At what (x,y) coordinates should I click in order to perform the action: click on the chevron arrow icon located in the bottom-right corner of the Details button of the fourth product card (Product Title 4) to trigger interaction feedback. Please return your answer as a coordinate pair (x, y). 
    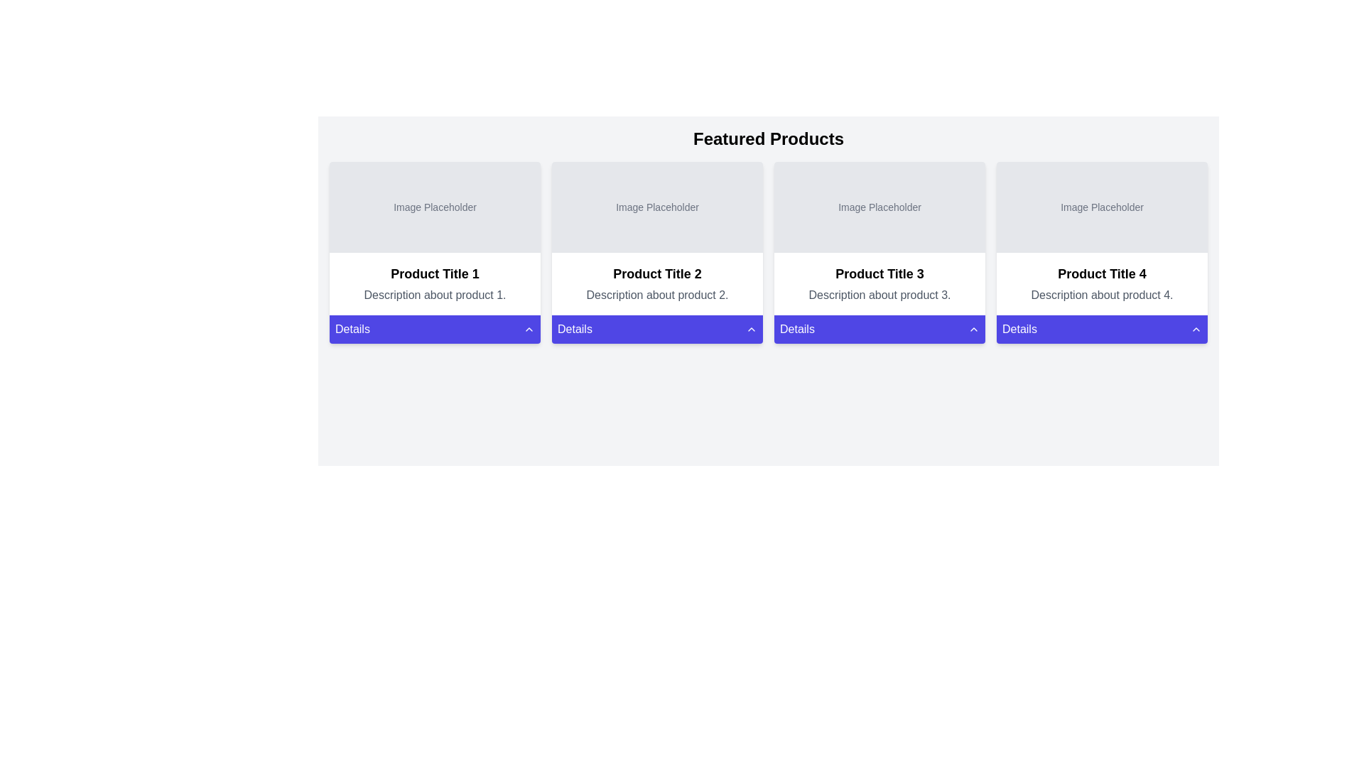
    Looking at the image, I should click on (1196, 329).